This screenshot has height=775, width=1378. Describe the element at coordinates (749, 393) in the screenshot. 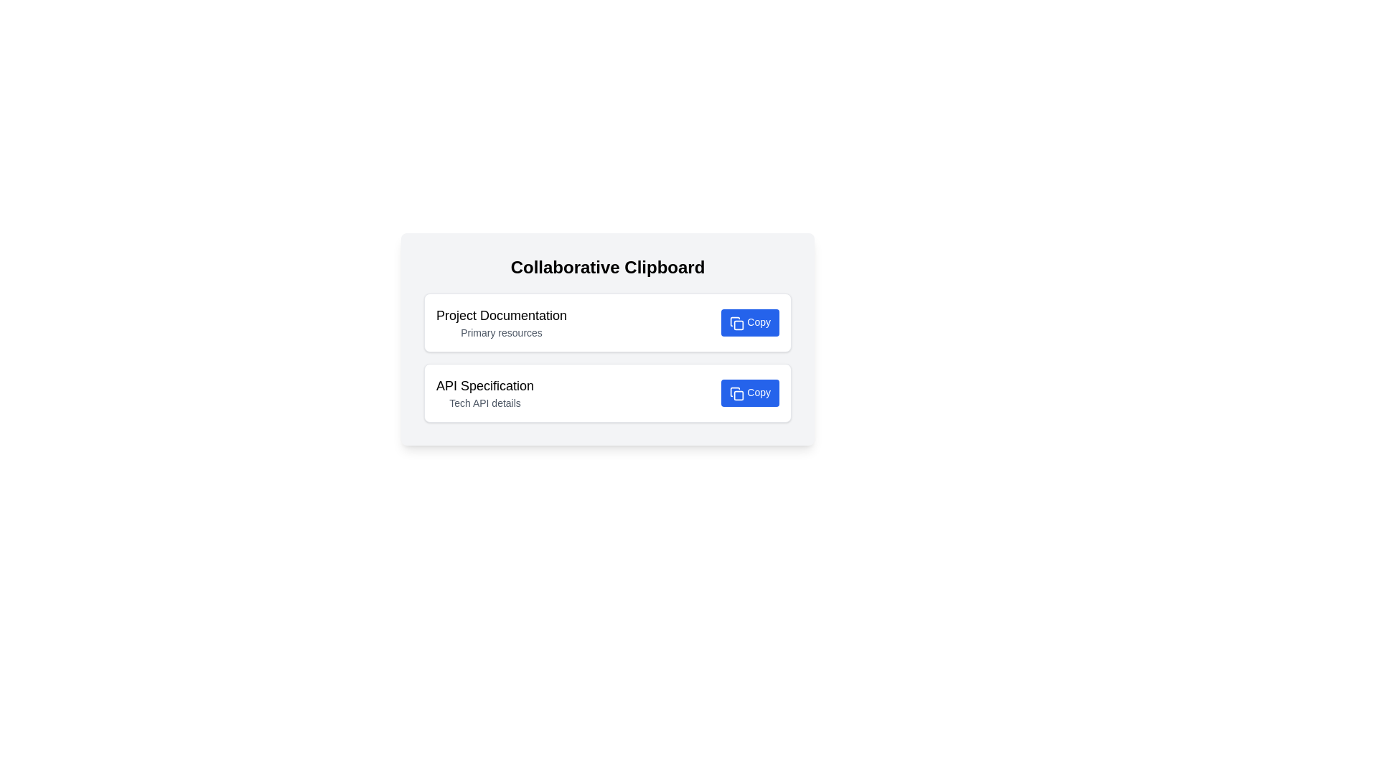

I see `the 'Copy' button with a blue background and white text, located within the 'API Specification' card to copy the associated content` at that location.